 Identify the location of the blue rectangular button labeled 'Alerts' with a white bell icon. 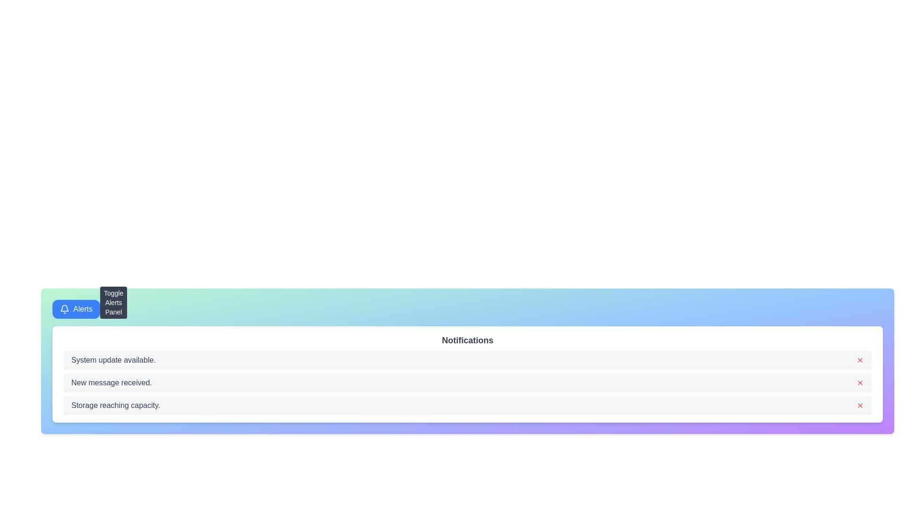
(76, 309).